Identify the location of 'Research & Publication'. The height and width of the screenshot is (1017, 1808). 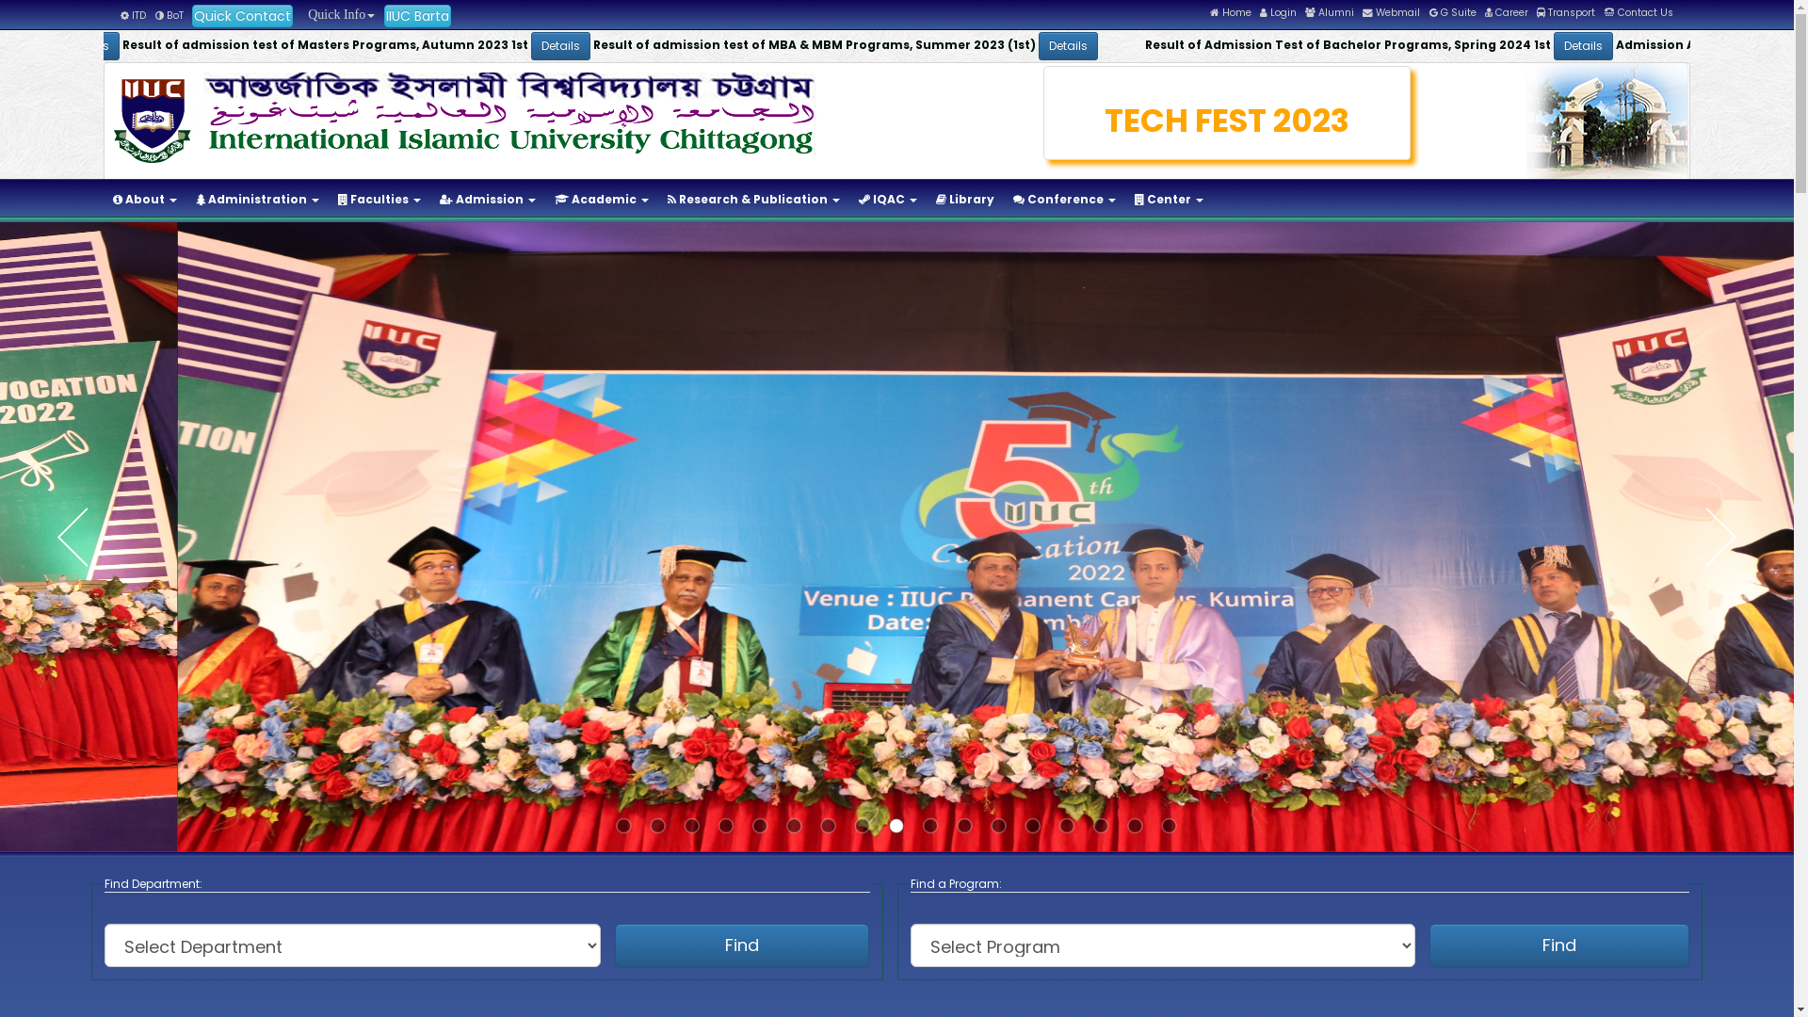
(658, 200).